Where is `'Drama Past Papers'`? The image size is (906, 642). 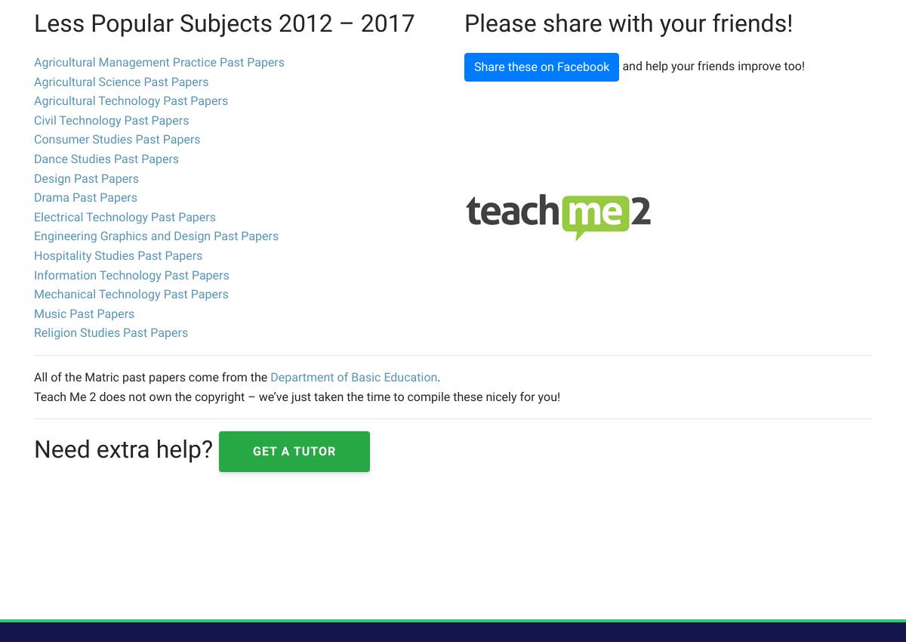
'Drama Past Papers' is located at coordinates (85, 196).